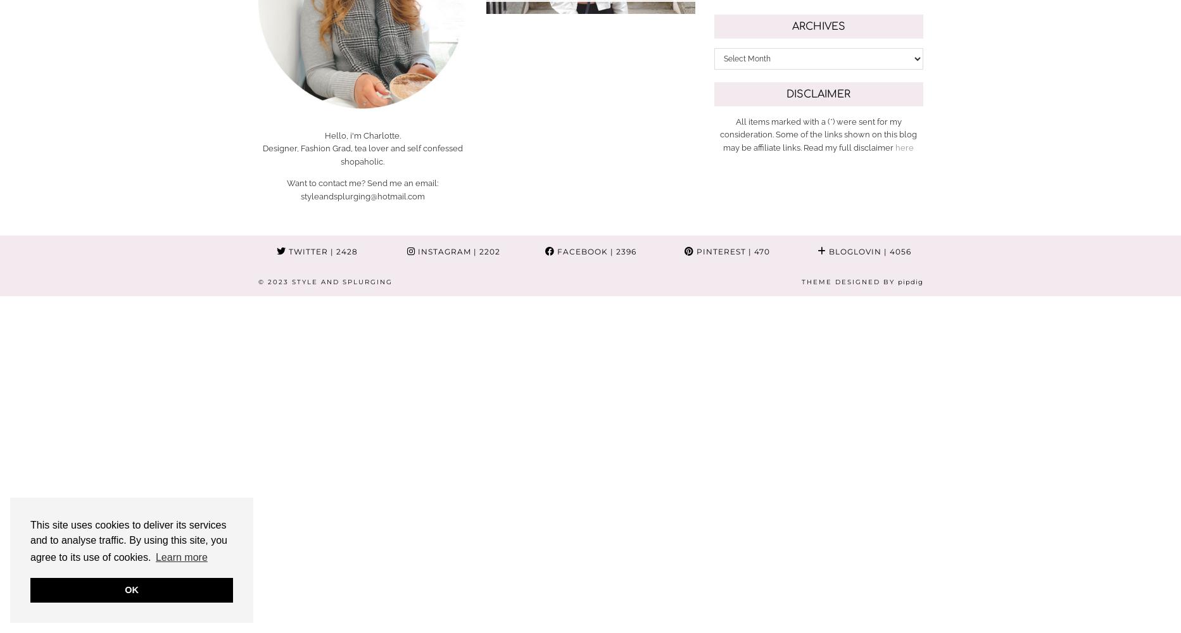  I want to click on 'OK', so click(131, 590).